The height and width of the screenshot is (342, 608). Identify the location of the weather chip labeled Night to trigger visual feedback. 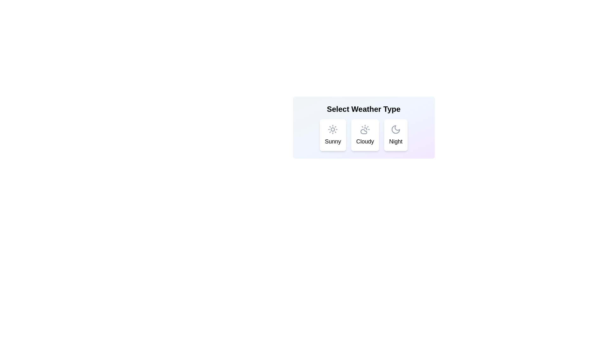
(396, 135).